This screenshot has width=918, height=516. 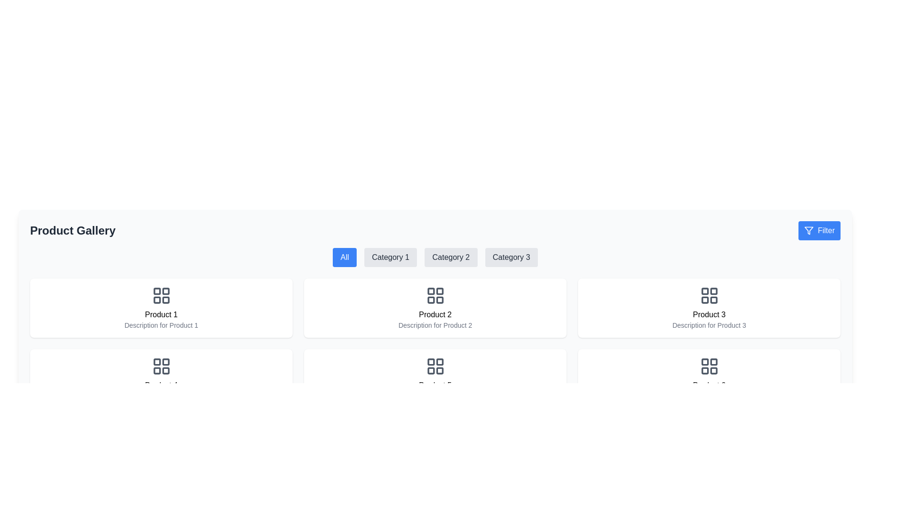 What do you see at coordinates (439, 362) in the screenshot?
I see `the second cell in the top row of a 2x2 grid, which is part of a decorative visual component within a product card in the gallery layout` at bounding box center [439, 362].